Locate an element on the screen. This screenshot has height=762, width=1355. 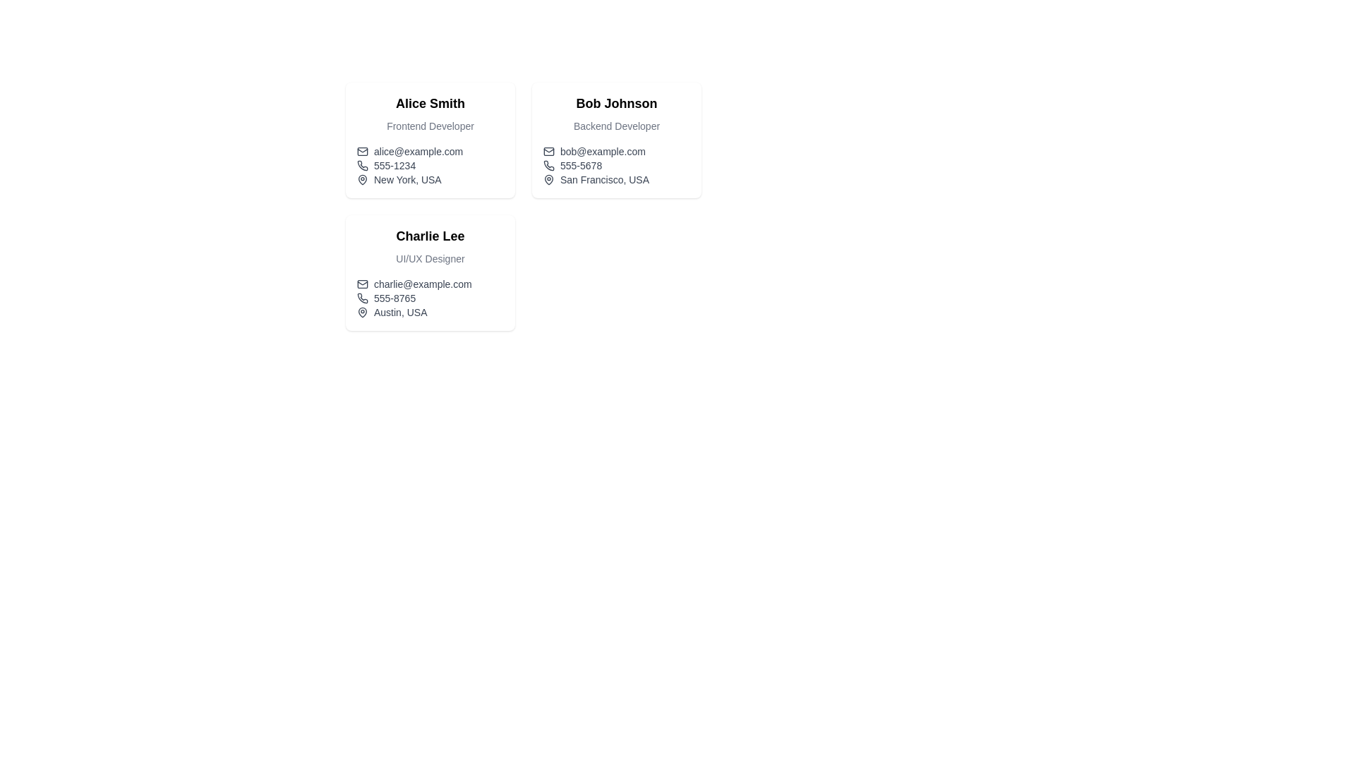
the text label indicating 'New York, USA' associated with the contact details of 'Alice Smith' is located at coordinates (406, 179).